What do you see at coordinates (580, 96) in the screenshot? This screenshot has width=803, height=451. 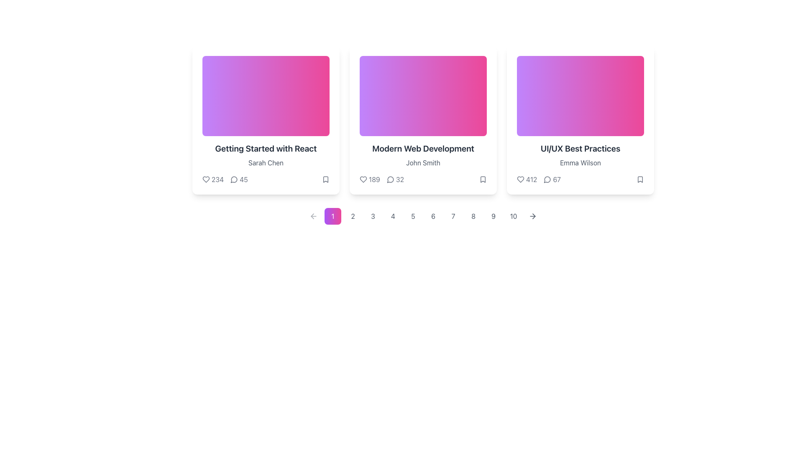 I see `the Decorative block, which is a rectangular element with a gradient background transitioning from purple to pink, located at the topmost section of the card titled 'UI/UX Best Practices.'` at bounding box center [580, 96].